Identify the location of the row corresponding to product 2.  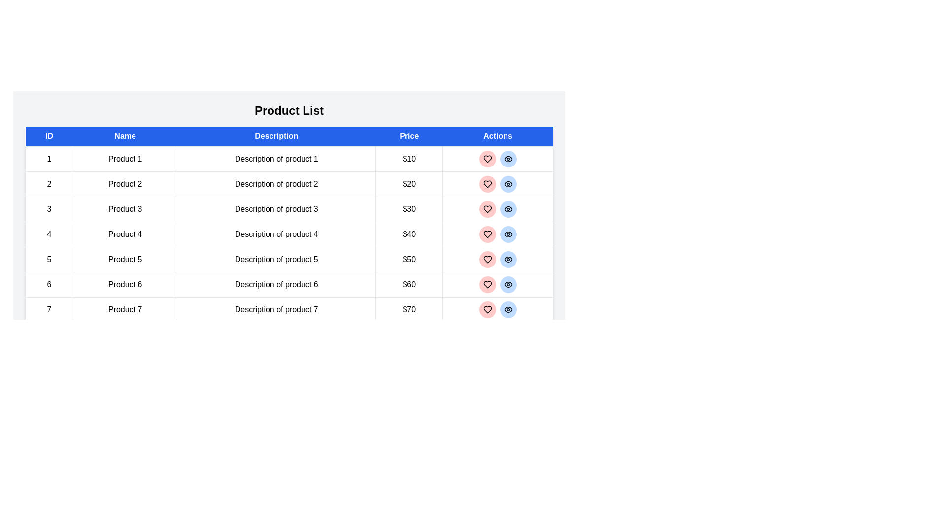
(288, 184).